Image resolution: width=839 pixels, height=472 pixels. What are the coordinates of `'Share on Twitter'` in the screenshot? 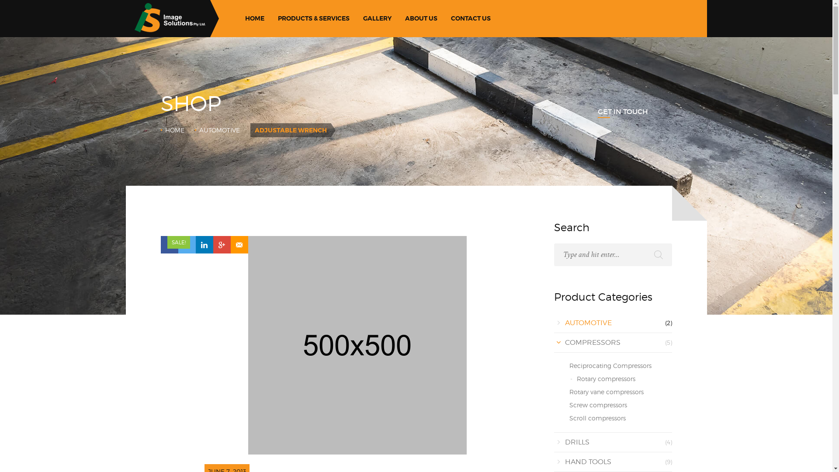 It's located at (186, 244).